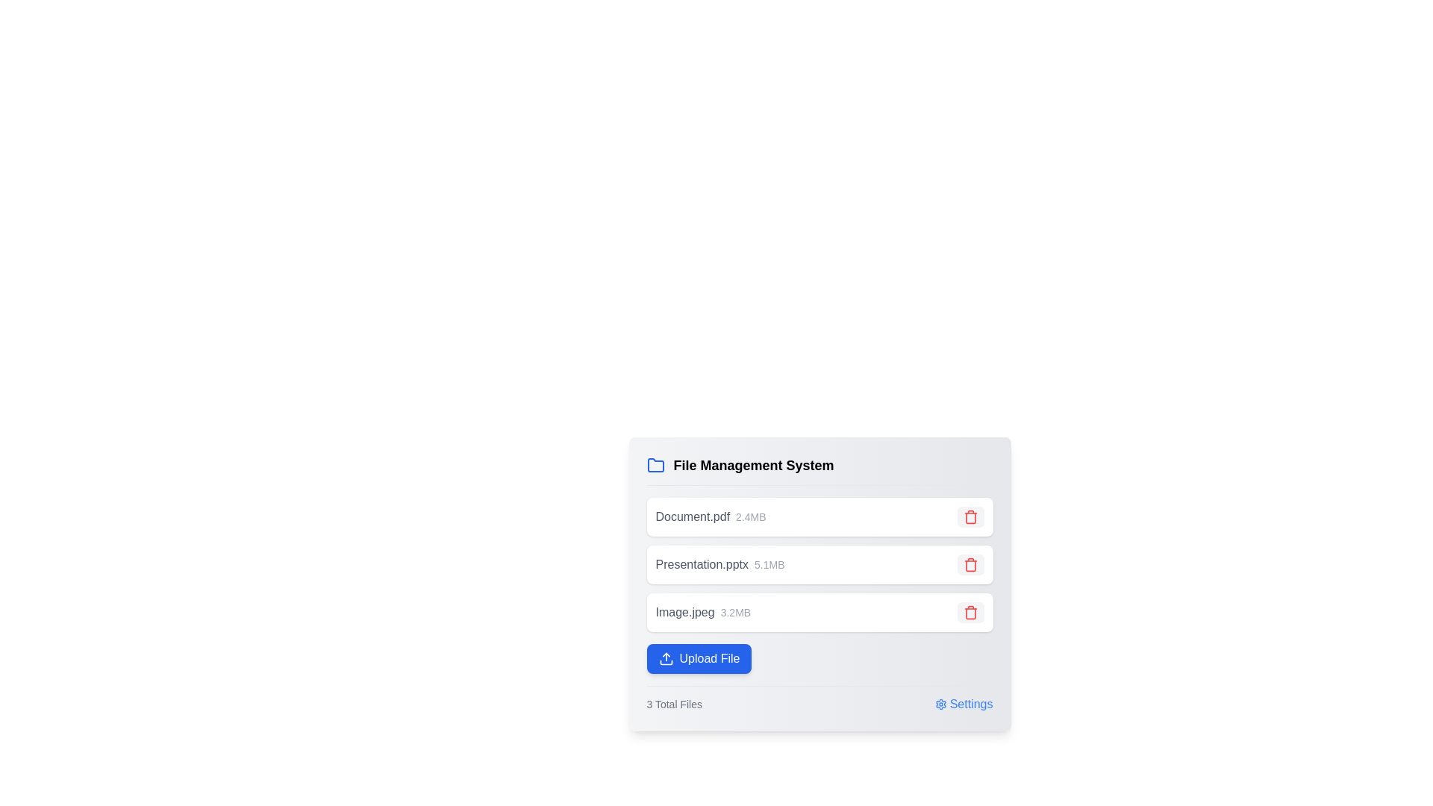 The height and width of the screenshot is (806, 1433). I want to click on the 'Upload File' button which contains a small upload icon with an upward arrow to initiate the file upload process, so click(665, 658).